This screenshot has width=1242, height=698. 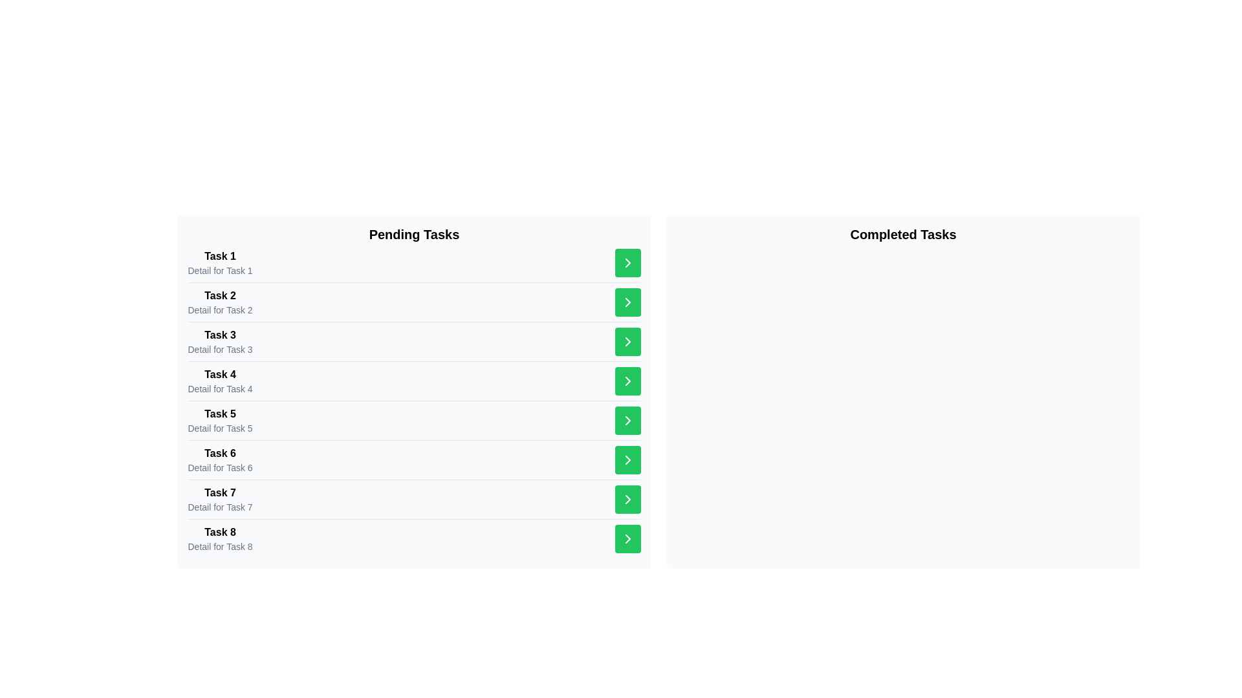 I want to click on the chevron button located in the rightmost column of the 'Pending Tasks' section, so click(x=627, y=262).